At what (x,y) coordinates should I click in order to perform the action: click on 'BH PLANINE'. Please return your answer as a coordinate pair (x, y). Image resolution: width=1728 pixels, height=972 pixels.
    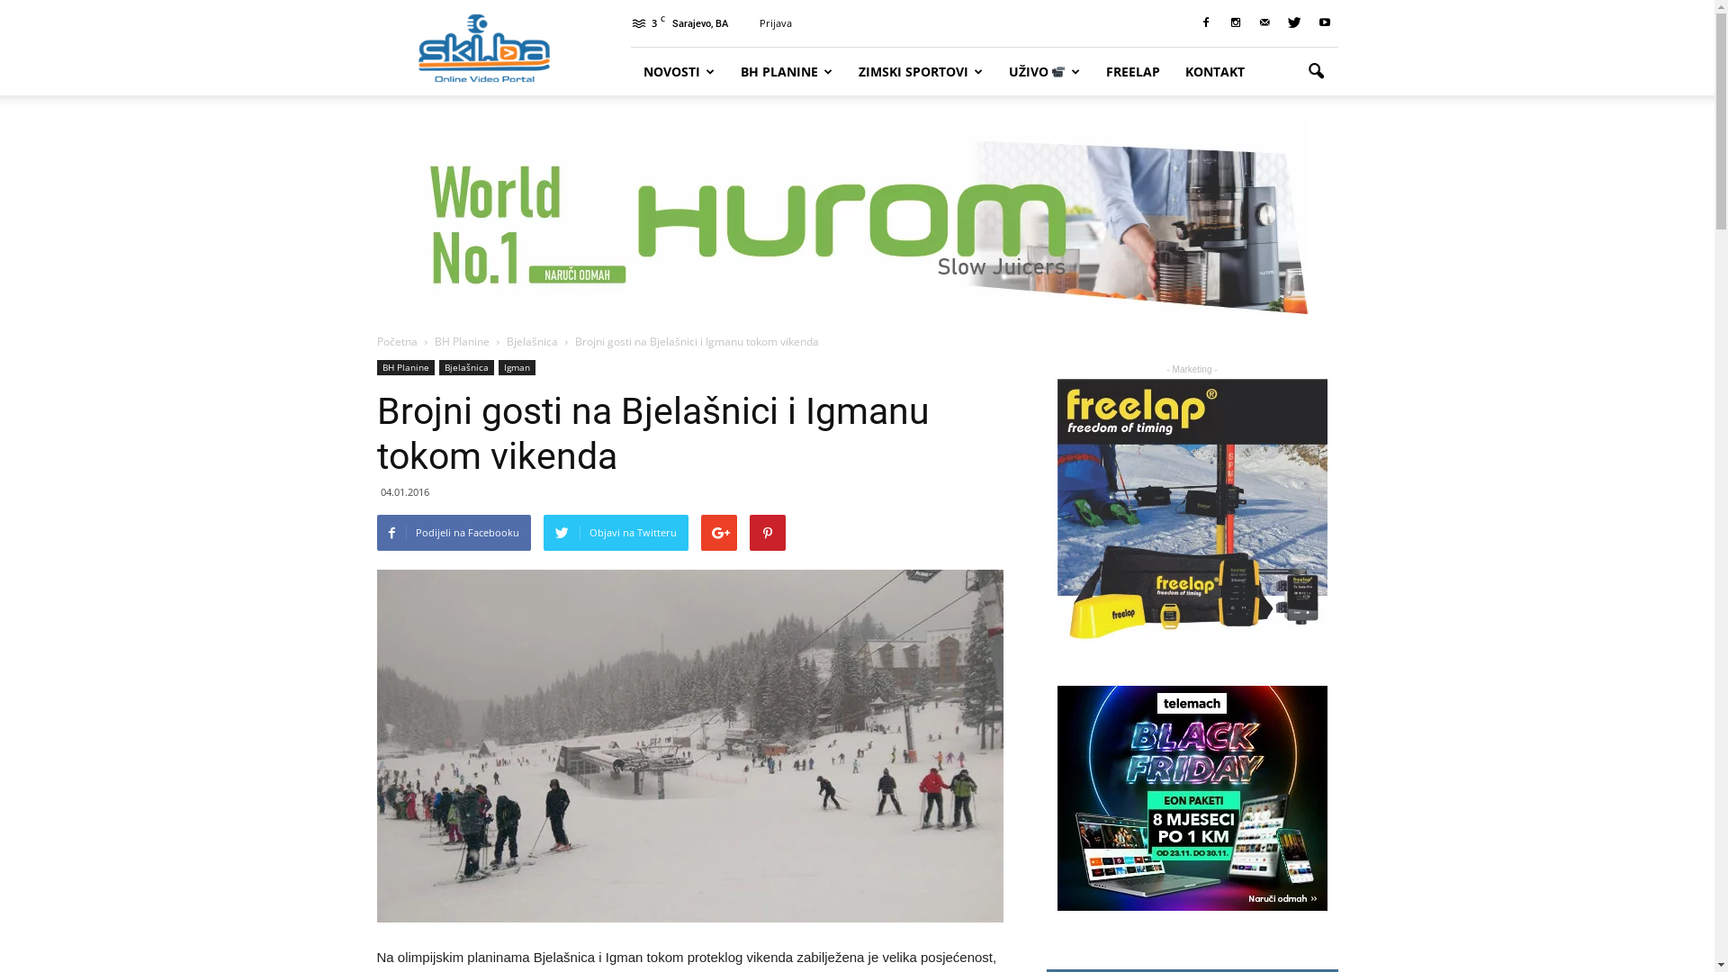
    Looking at the image, I should click on (786, 70).